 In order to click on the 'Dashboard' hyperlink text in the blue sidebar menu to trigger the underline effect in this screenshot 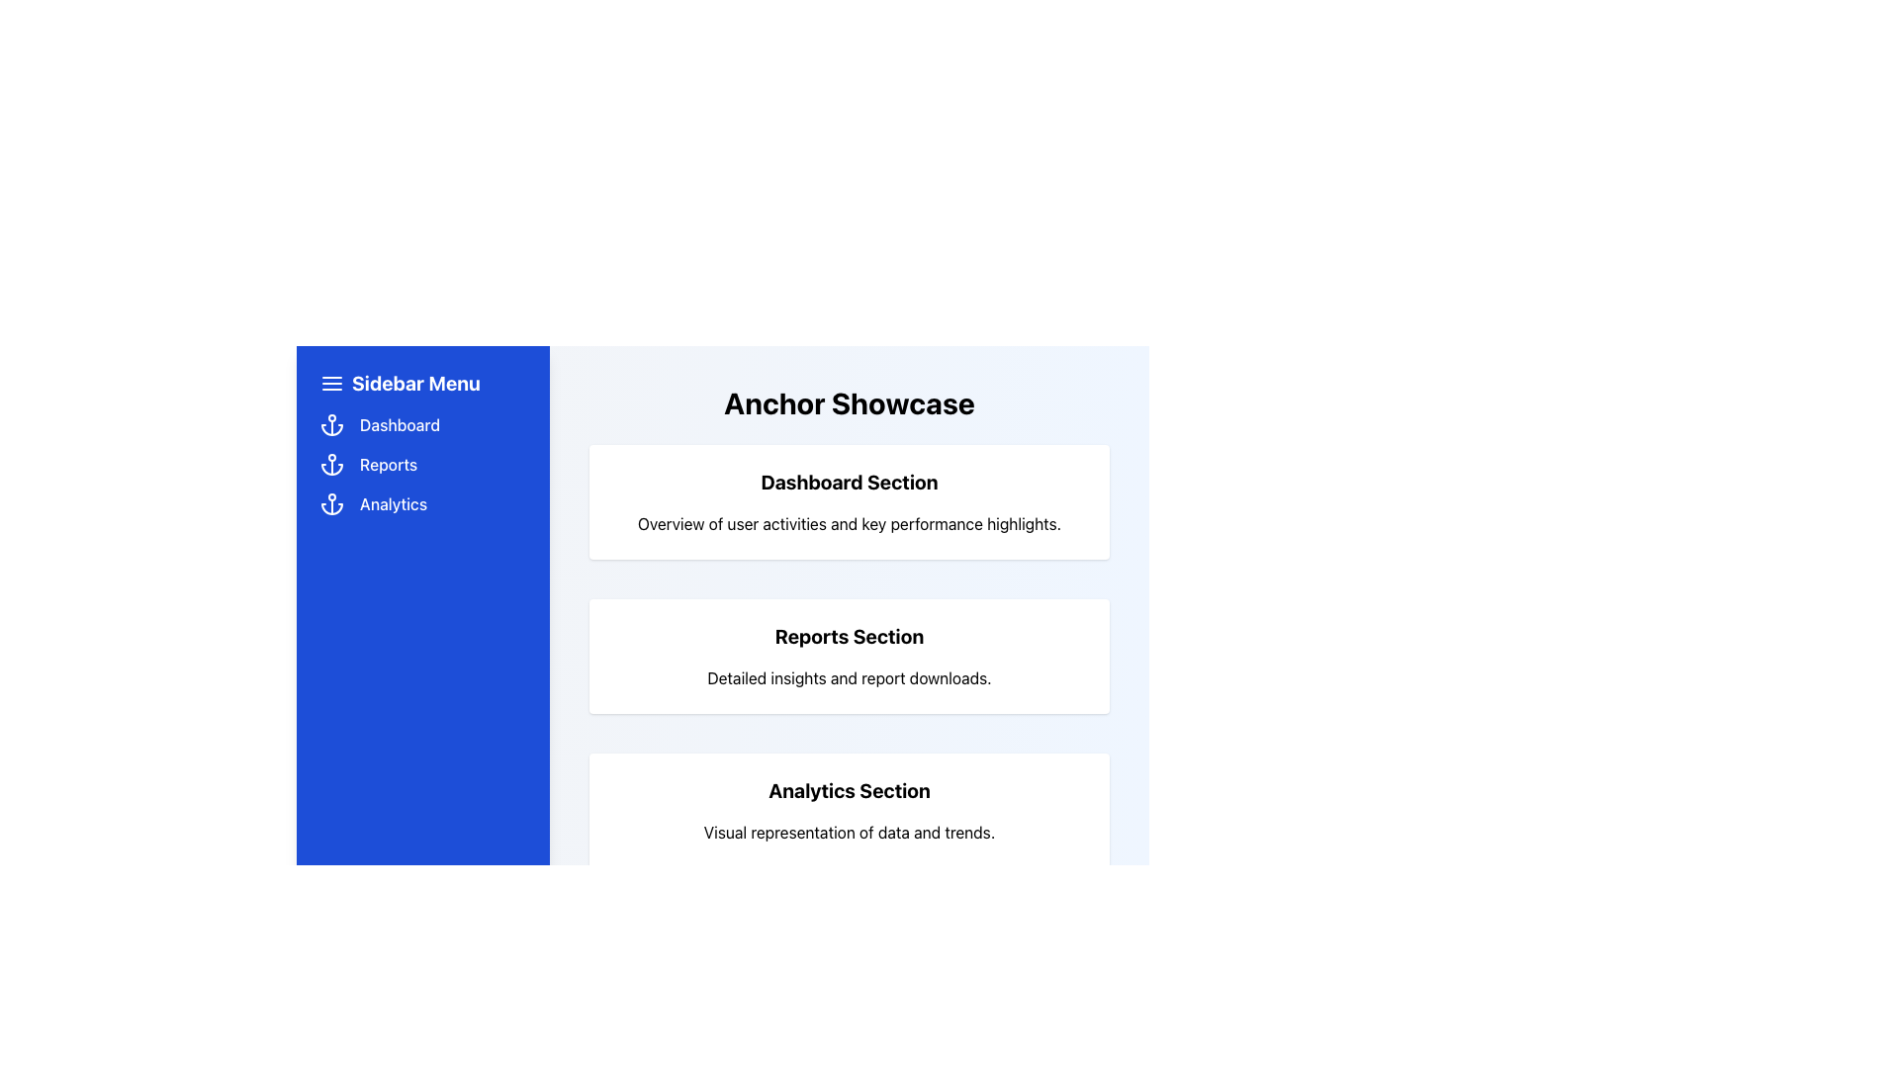, I will do `click(399, 423)`.